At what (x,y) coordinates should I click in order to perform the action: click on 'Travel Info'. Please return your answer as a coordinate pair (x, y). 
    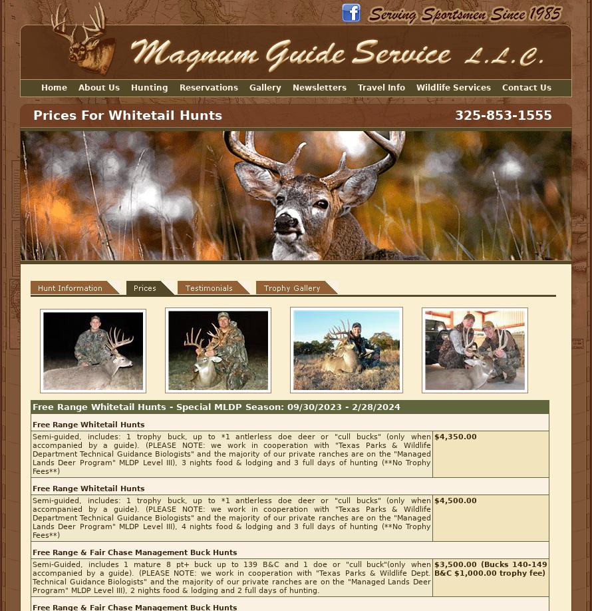
    Looking at the image, I should click on (380, 87).